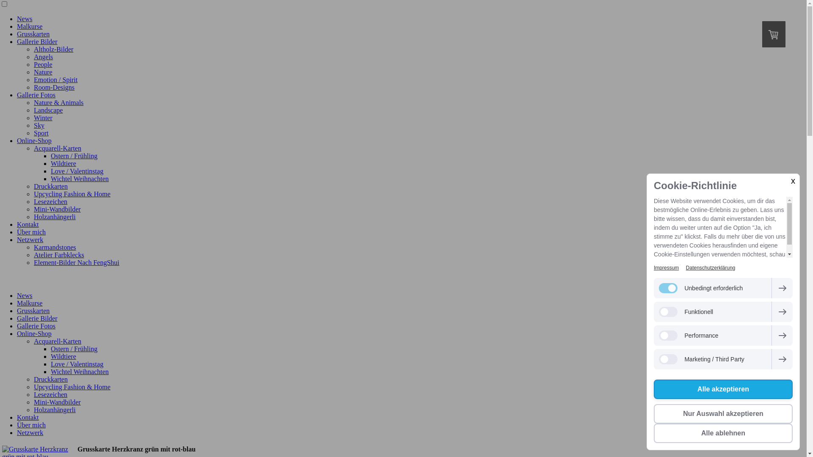  Describe the element at coordinates (36, 325) in the screenshot. I see `'Gallerie Fotos'` at that location.